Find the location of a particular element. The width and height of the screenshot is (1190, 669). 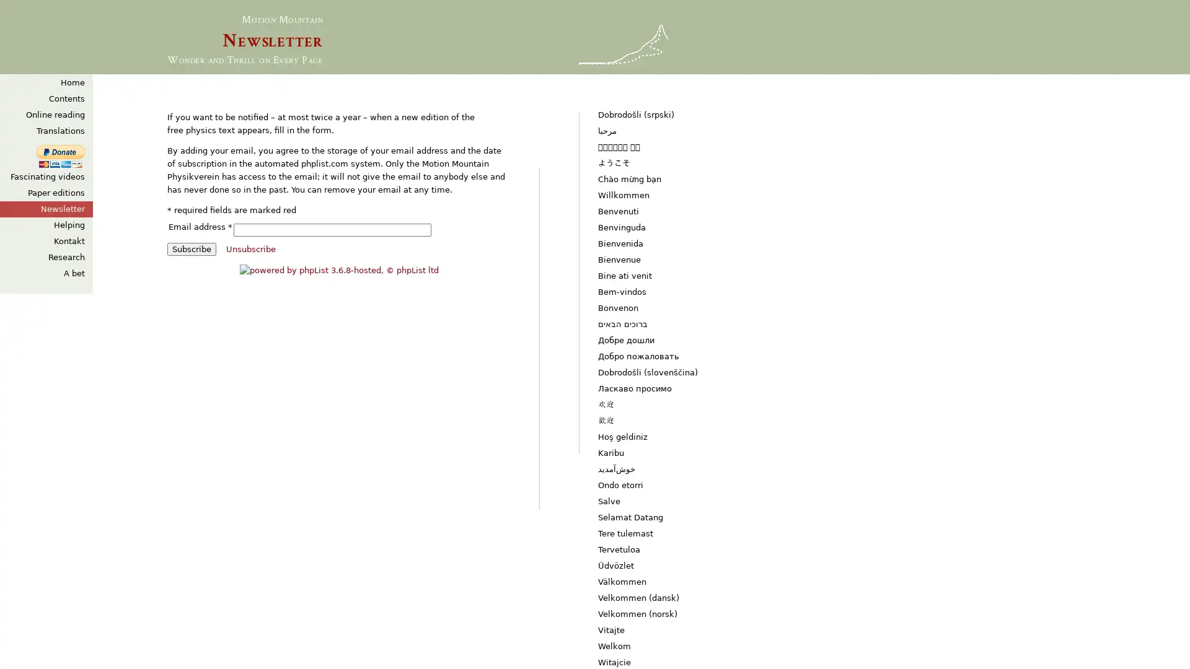

Subscribe is located at coordinates (191, 248).